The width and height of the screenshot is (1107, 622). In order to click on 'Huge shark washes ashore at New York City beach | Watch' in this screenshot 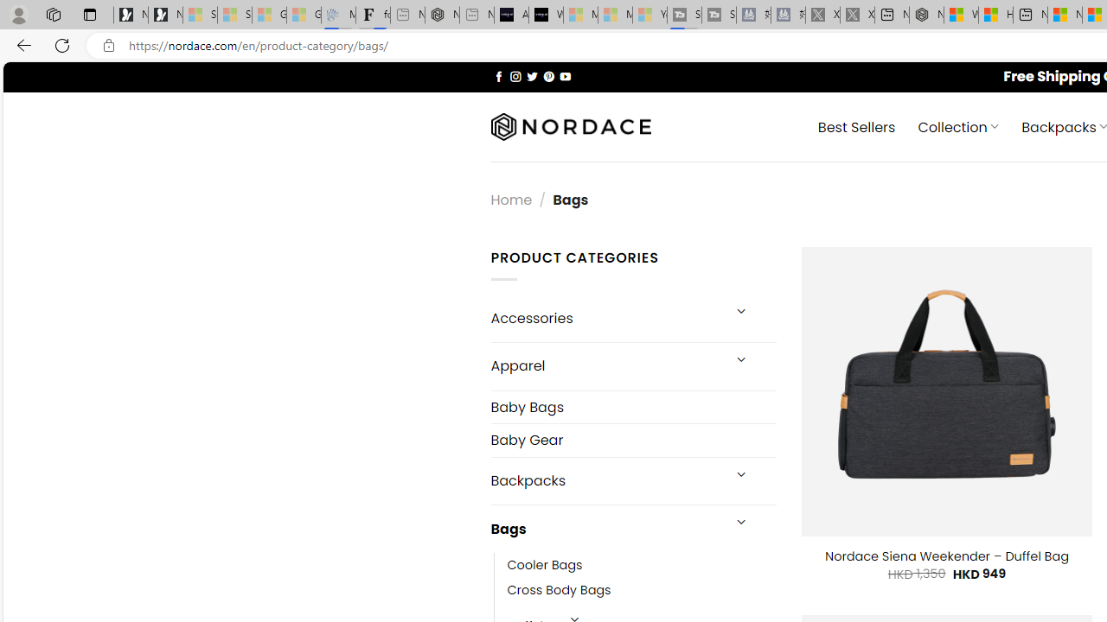, I will do `click(995, 15)`.